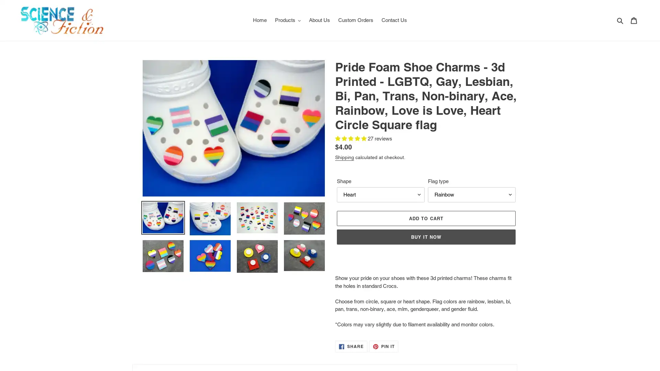 The width and height of the screenshot is (660, 371). What do you see at coordinates (426, 236) in the screenshot?
I see `BUY IT NOW` at bounding box center [426, 236].